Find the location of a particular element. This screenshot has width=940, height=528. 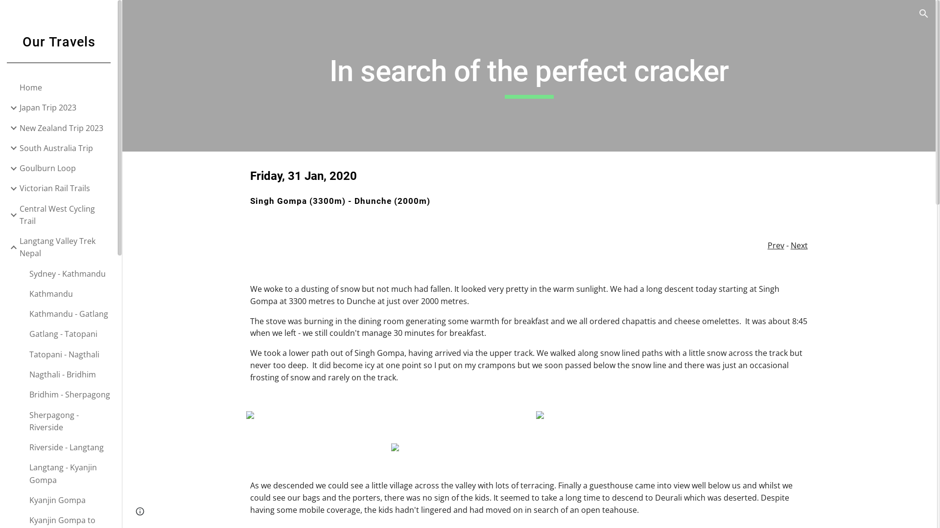

'Kyanjin Gompa' is located at coordinates (27, 500).